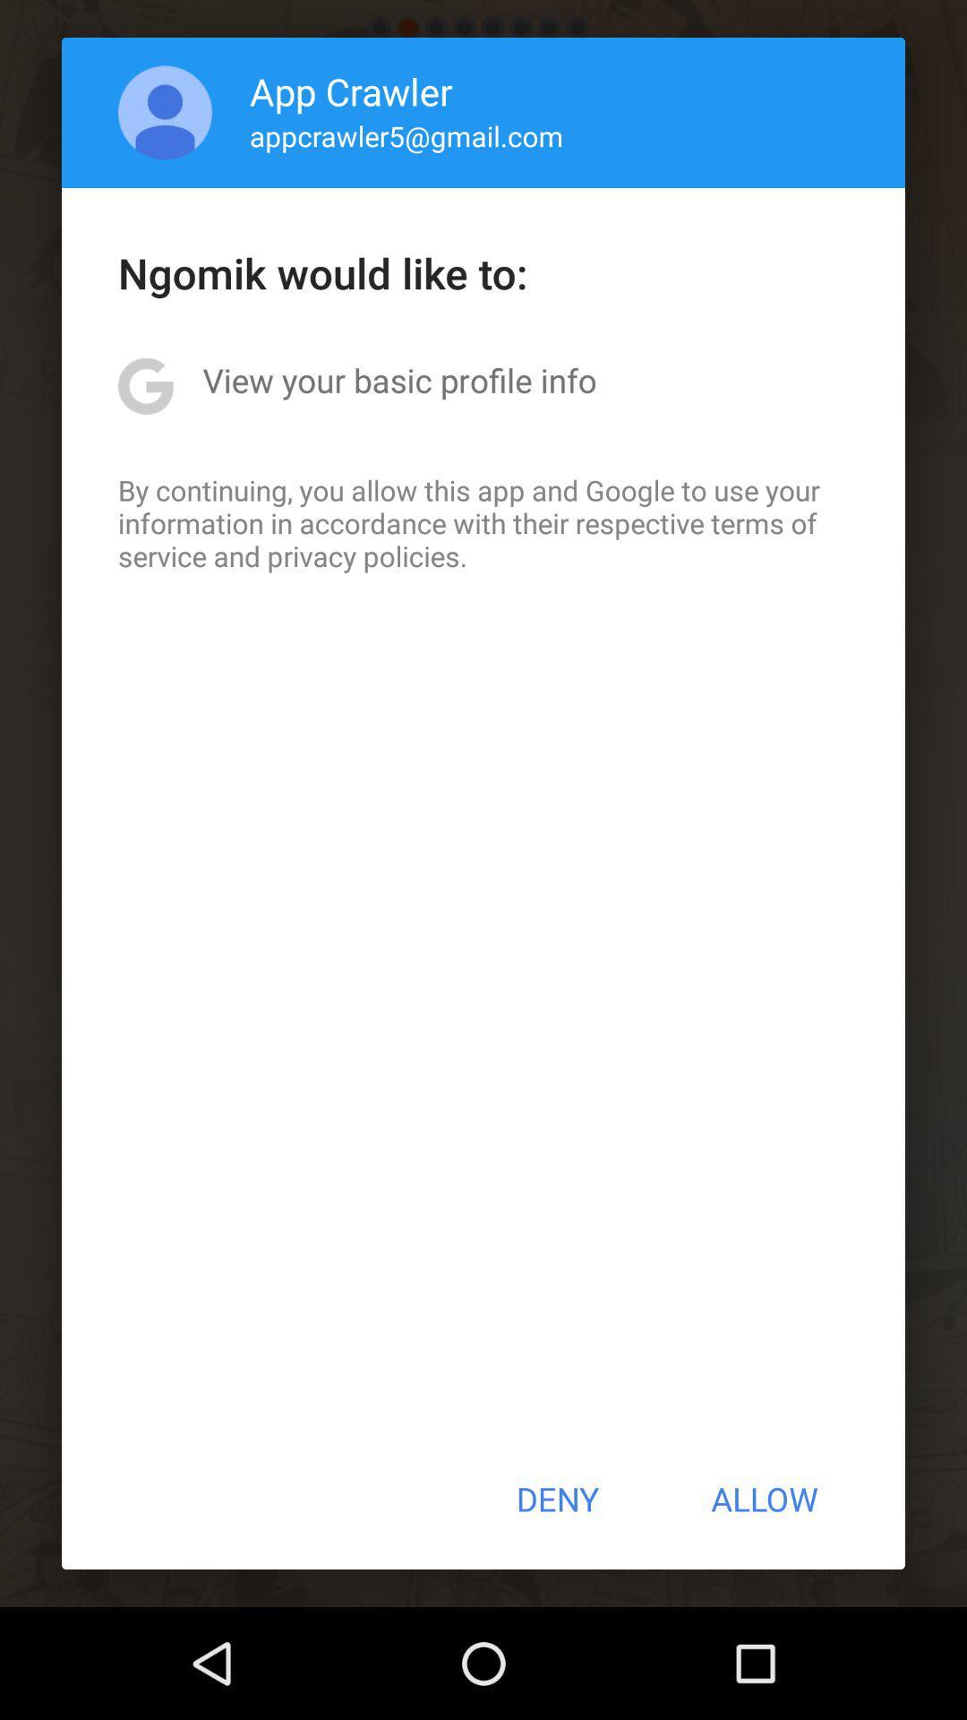 Image resolution: width=967 pixels, height=1720 pixels. What do you see at coordinates (556, 1499) in the screenshot?
I see `the deny icon` at bounding box center [556, 1499].